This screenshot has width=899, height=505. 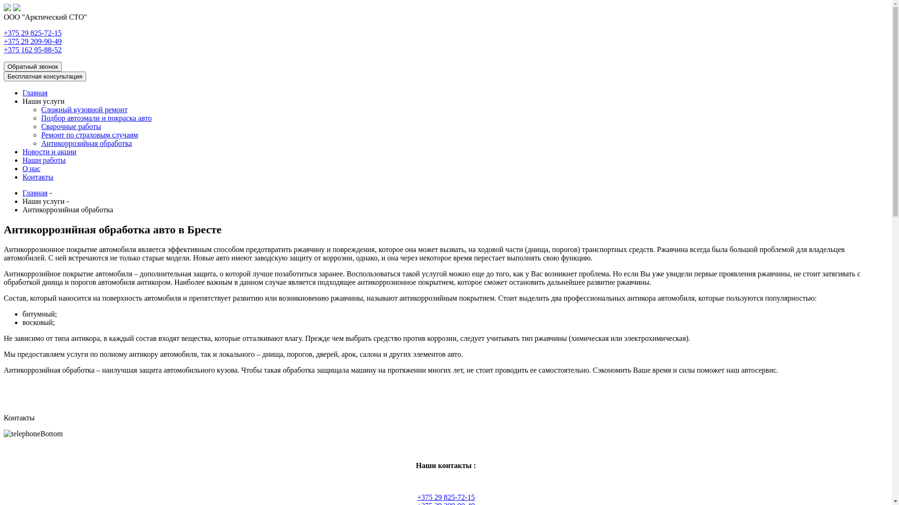 What do you see at coordinates (33, 32) in the screenshot?
I see `'+375 29 825-72-15'` at bounding box center [33, 32].